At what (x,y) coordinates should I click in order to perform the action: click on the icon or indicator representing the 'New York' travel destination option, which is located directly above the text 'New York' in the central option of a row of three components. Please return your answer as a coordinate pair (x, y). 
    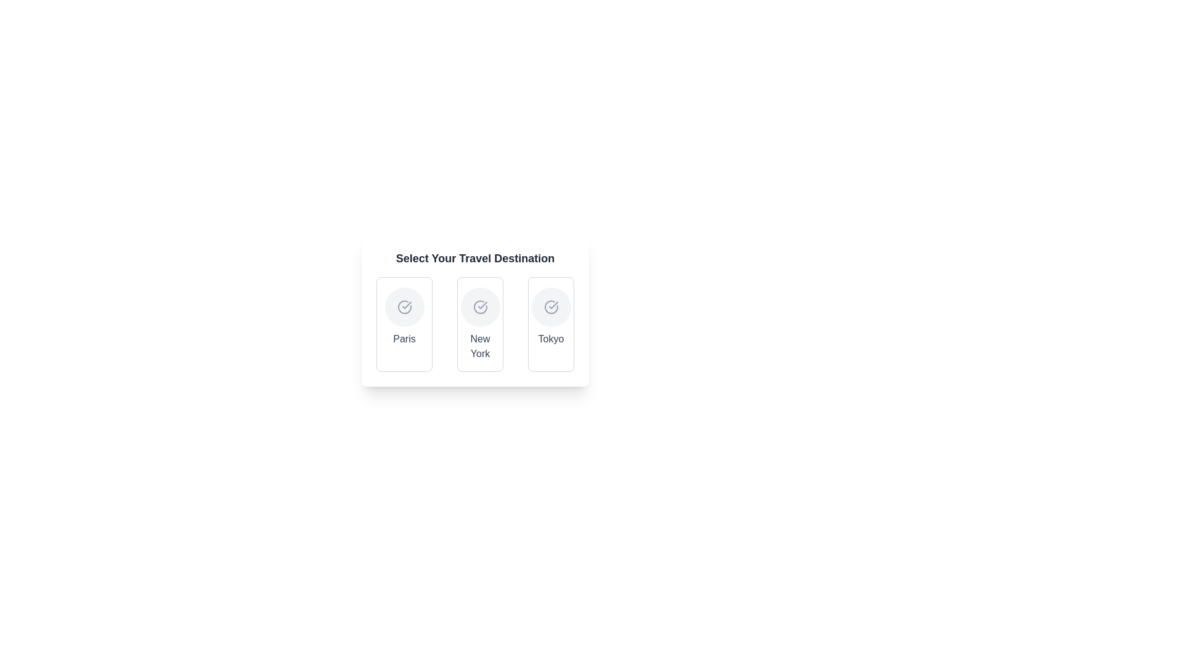
    Looking at the image, I should click on (479, 306).